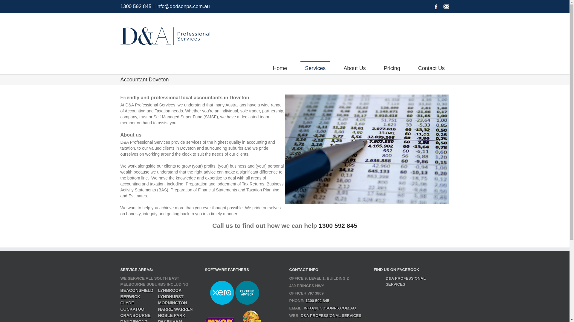 This screenshot has width=574, height=322. I want to click on 'LYNBROOK', so click(158, 290).